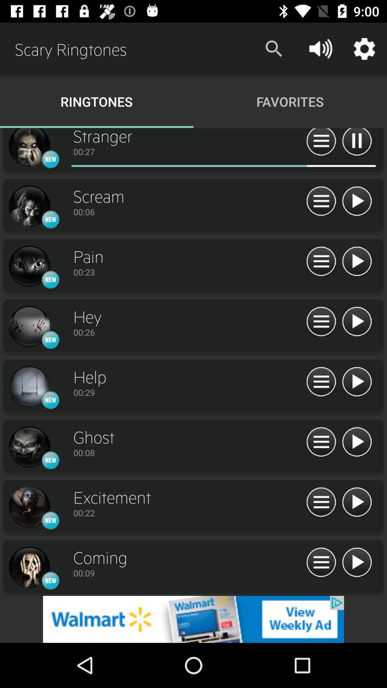  Describe the element at coordinates (29, 326) in the screenshot. I see `open track` at that location.